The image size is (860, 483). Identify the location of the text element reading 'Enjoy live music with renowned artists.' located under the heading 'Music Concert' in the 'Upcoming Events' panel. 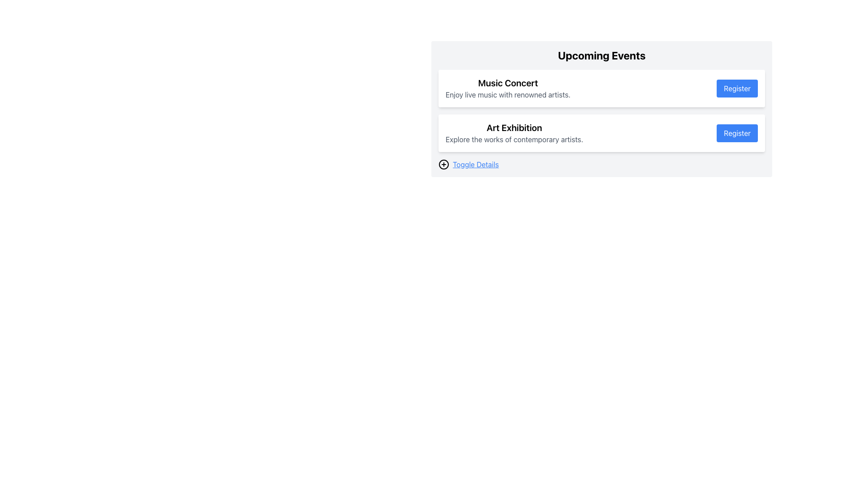
(508, 95).